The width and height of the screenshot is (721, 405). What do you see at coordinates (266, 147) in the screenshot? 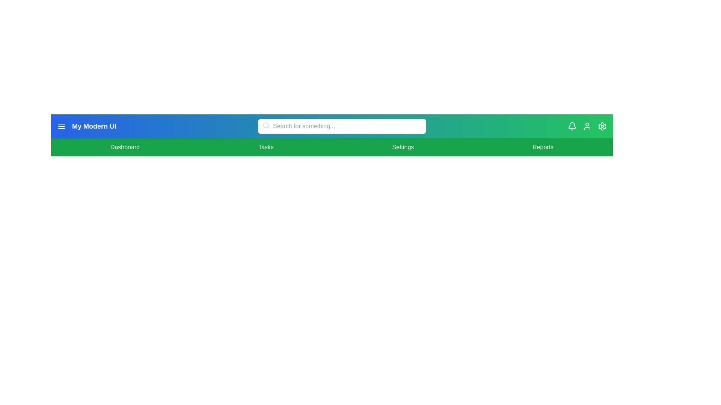
I see `the menu item Tasks to navigate to the corresponding section` at bounding box center [266, 147].